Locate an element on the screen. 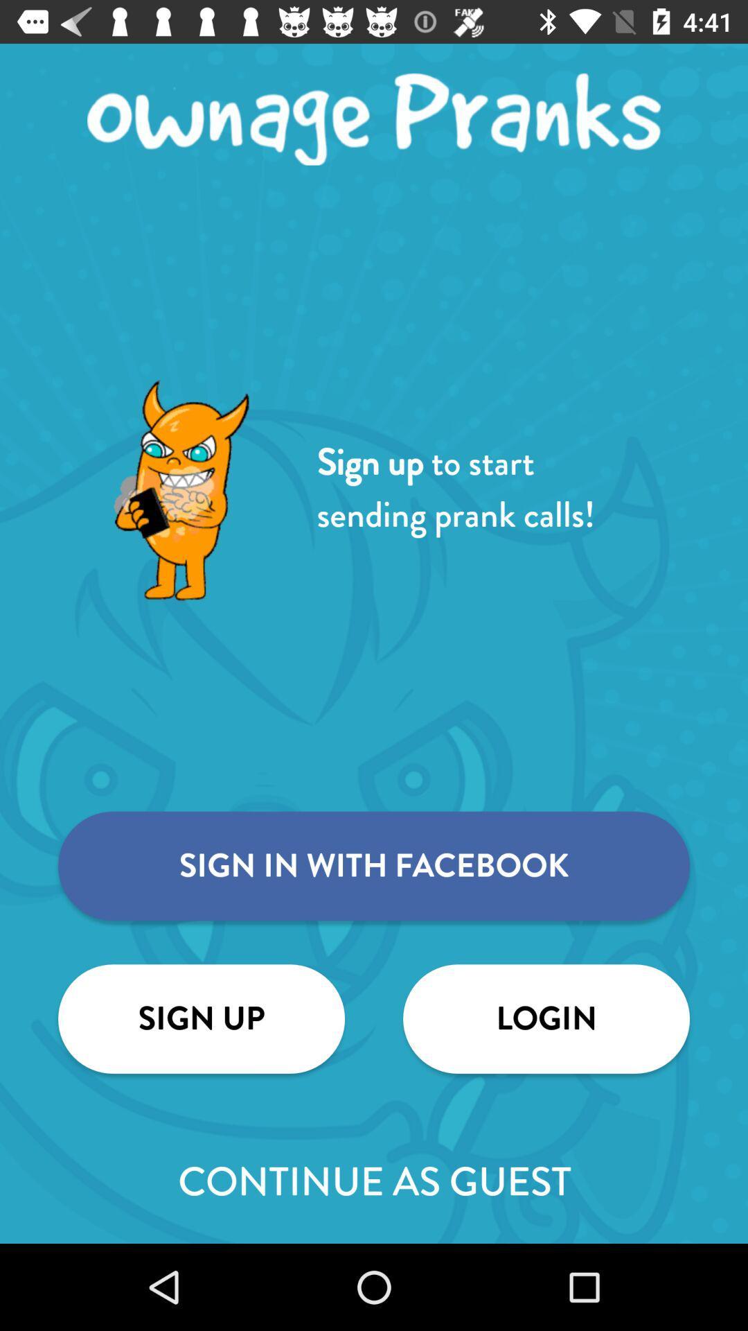 The height and width of the screenshot is (1331, 748). the item above sign up icon is located at coordinates (374, 865).